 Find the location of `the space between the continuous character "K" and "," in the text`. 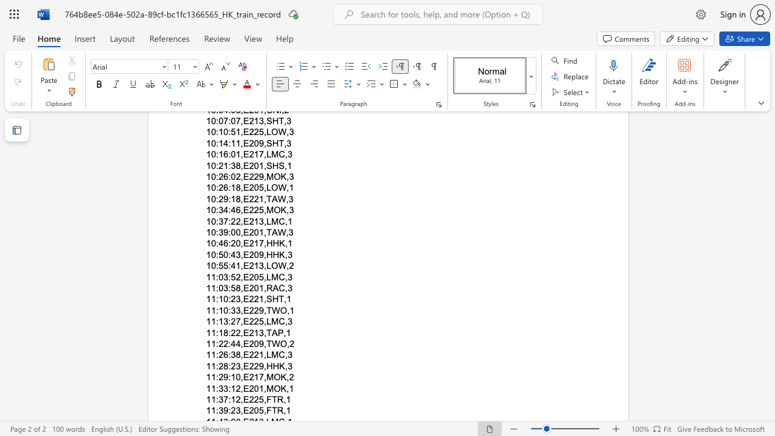

the space between the continuous character "K" and "," in the text is located at coordinates (285, 377).